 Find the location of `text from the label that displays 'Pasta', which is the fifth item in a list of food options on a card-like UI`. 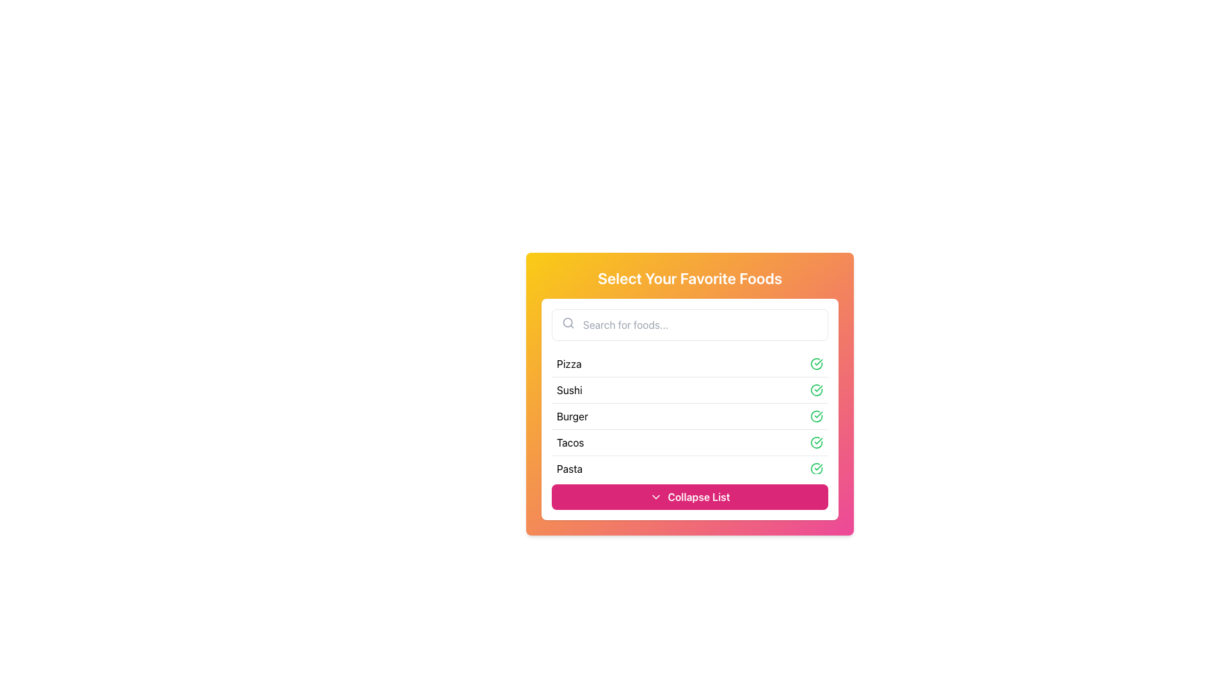

text from the label that displays 'Pasta', which is the fifth item in a list of food options on a card-like UI is located at coordinates (569, 468).